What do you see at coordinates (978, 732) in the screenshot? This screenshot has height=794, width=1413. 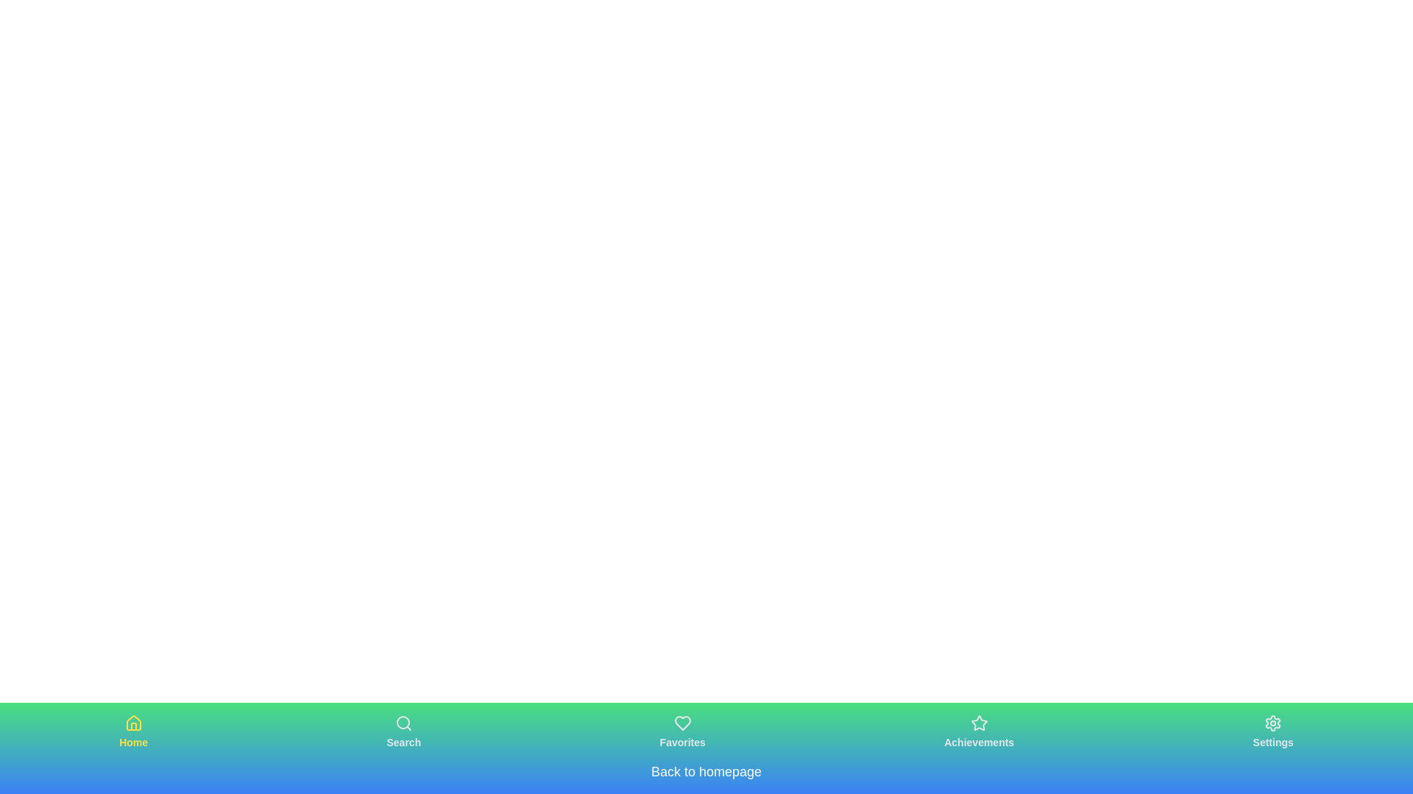 I see `the tab labeled Achievements` at bounding box center [978, 732].